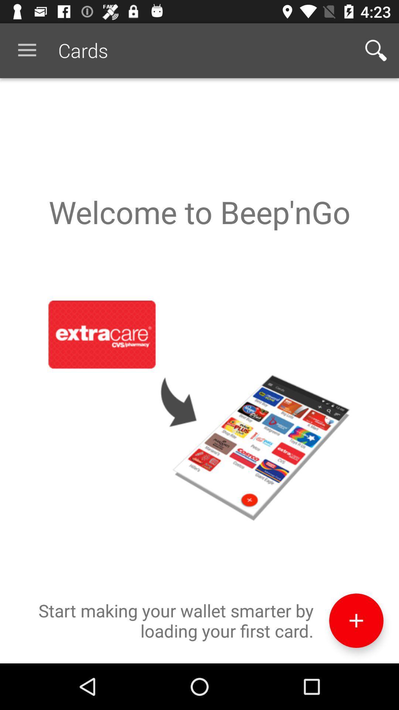  Describe the element at coordinates (356, 621) in the screenshot. I see `item next to the start making your` at that location.